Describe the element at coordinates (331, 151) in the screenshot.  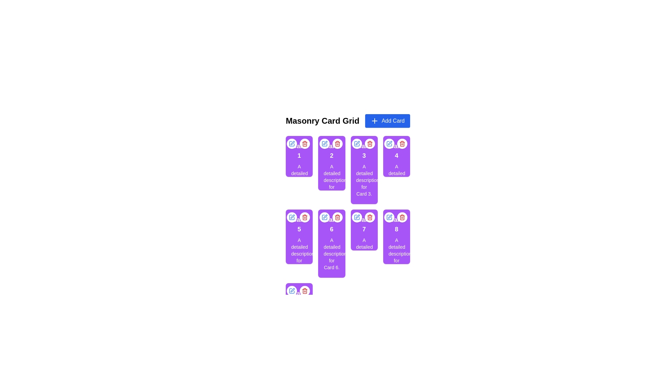
I see `the title text of 'Card 2' which is located at the top of the card, beneath the icons for editing and deleting` at that location.